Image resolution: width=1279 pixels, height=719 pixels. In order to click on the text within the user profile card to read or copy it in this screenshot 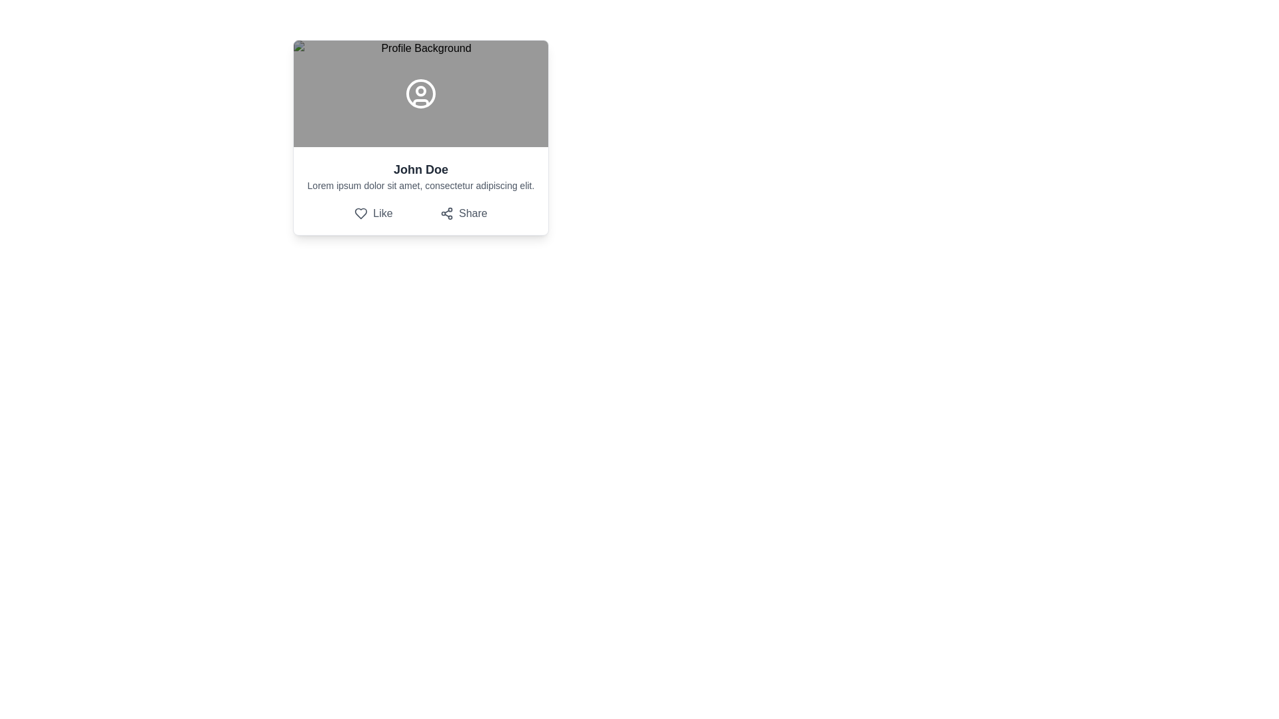, I will do `click(420, 190)`.